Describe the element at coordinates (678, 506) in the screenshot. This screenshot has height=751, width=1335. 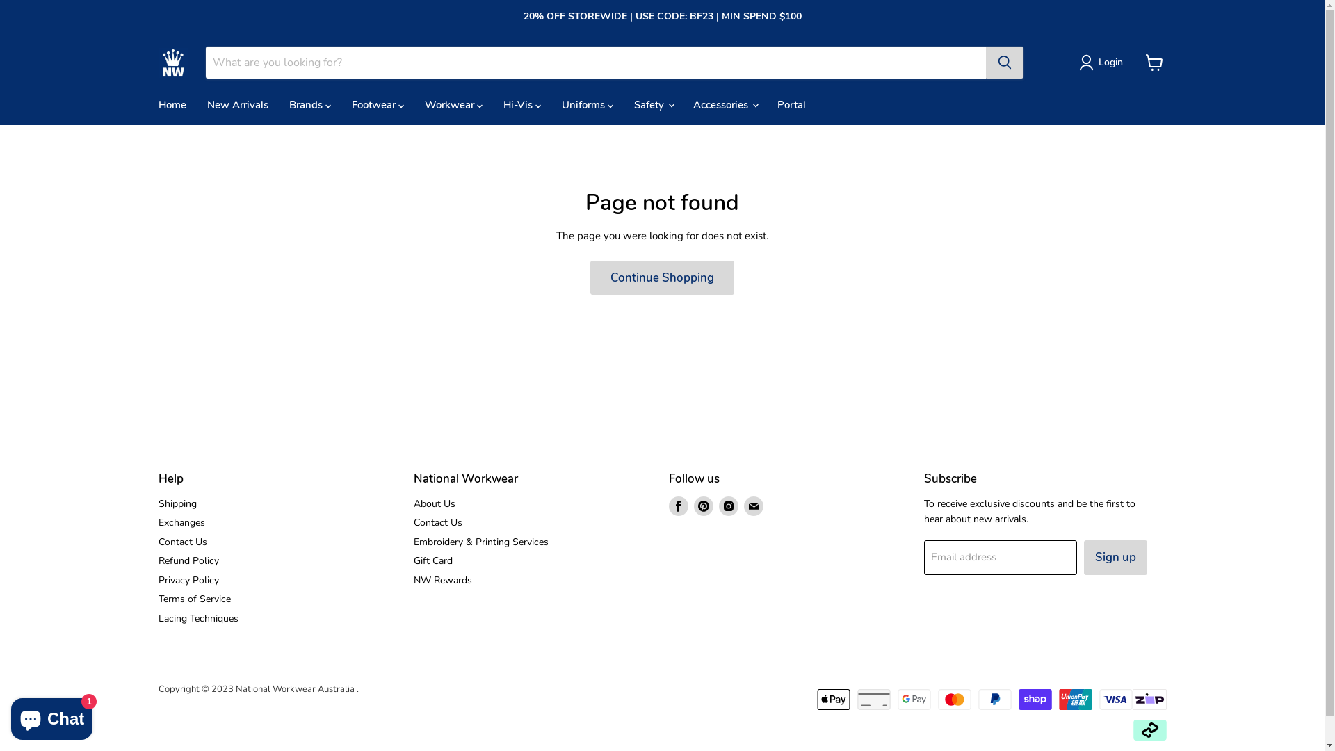
I see `'Find us on Facebook'` at that location.